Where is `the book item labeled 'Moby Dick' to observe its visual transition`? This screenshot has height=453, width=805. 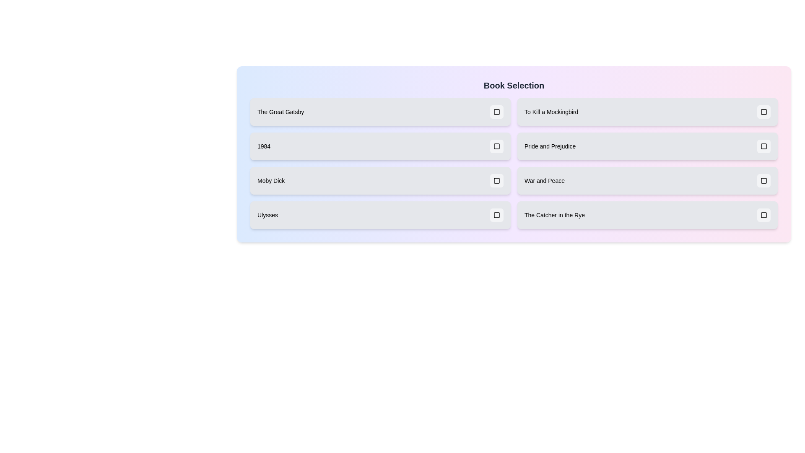
the book item labeled 'Moby Dick' to observe its visual transition is located at coordinates (380, 180).